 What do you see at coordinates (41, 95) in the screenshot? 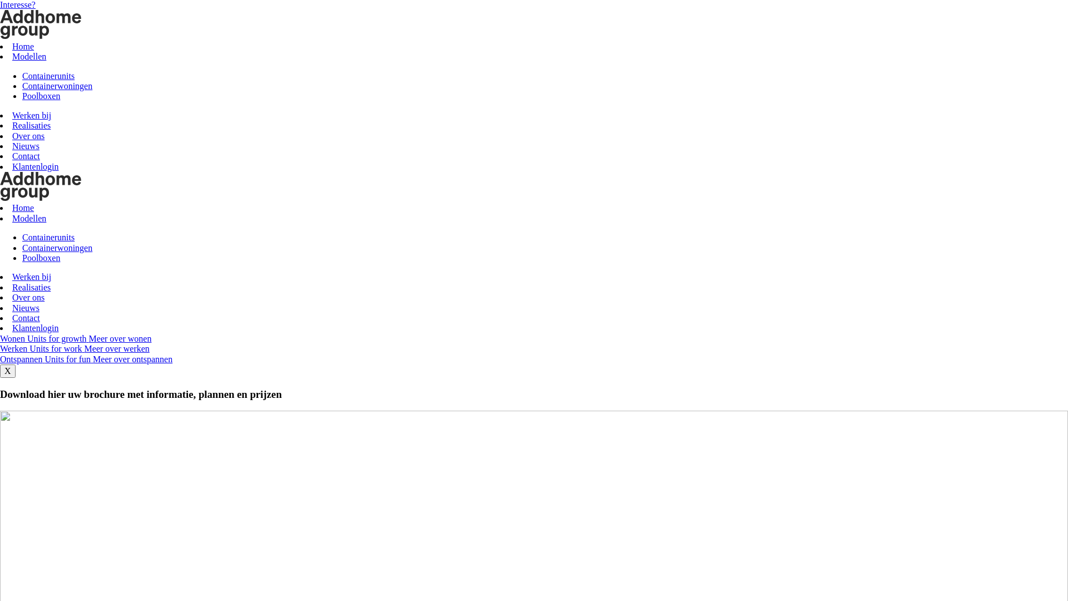
I see `'Poolboxen'` at bounding box center [41, 95].